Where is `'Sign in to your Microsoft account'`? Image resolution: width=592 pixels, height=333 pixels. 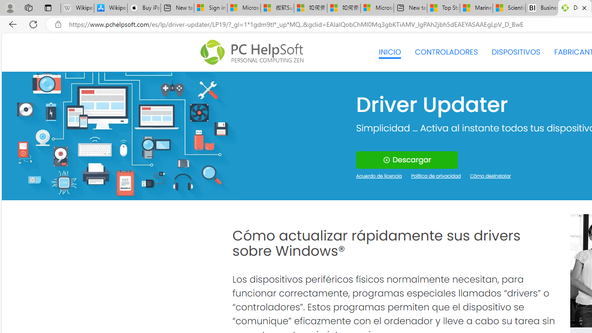 'Sign in to your Microsoft account' is located at coordinates (210, 8).